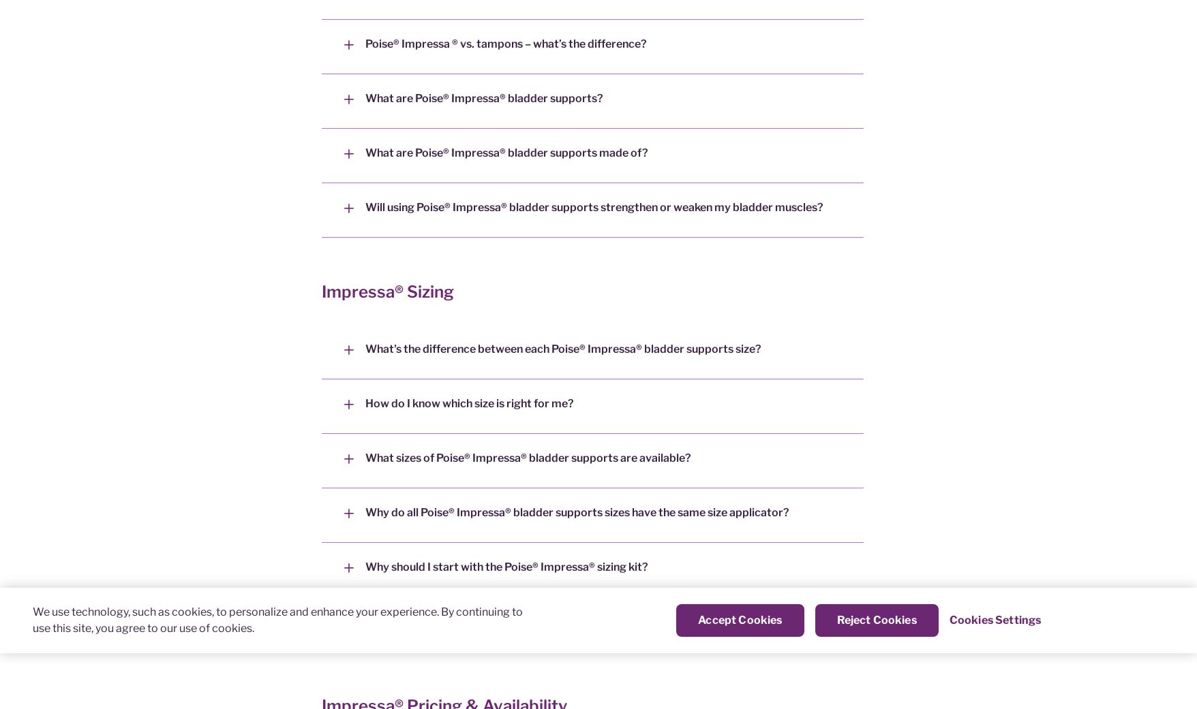  What do you see at coordinates (470, 403) in the screenshot?
I see `'How do I know which size is right for me?'` at bounding box center [470, 403].